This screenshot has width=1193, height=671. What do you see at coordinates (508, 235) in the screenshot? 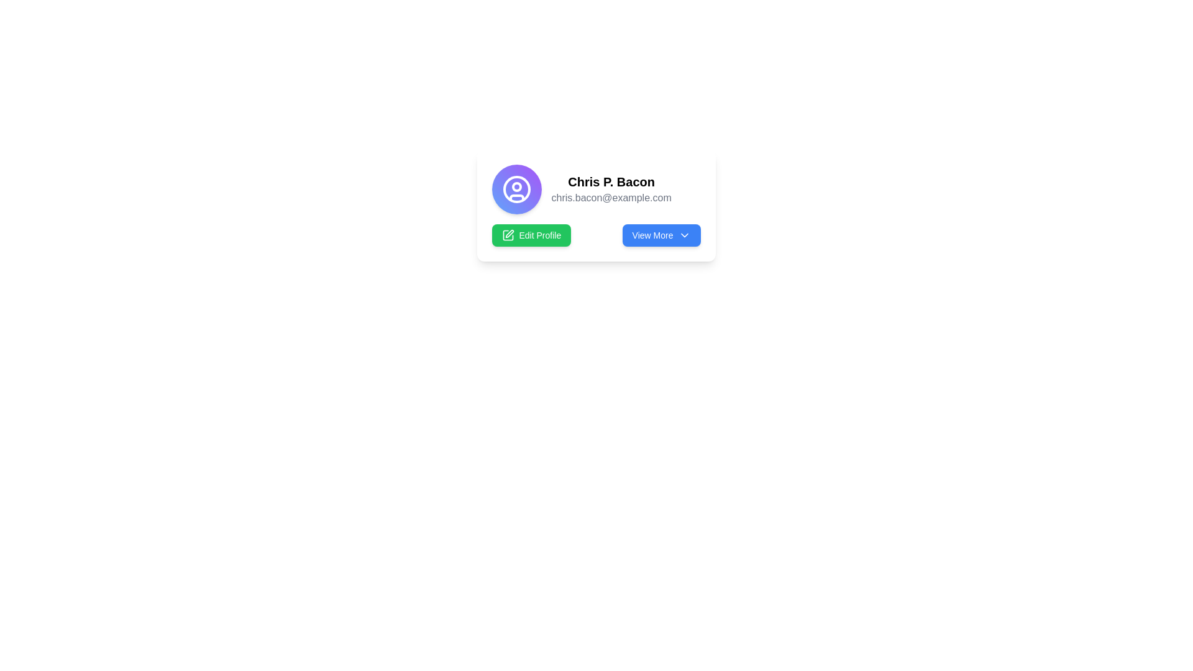
I see `the pen icon located inside the green 'Edit Profile' button, which is positioned to the left of the button's text` at bounding box center [508, 235].